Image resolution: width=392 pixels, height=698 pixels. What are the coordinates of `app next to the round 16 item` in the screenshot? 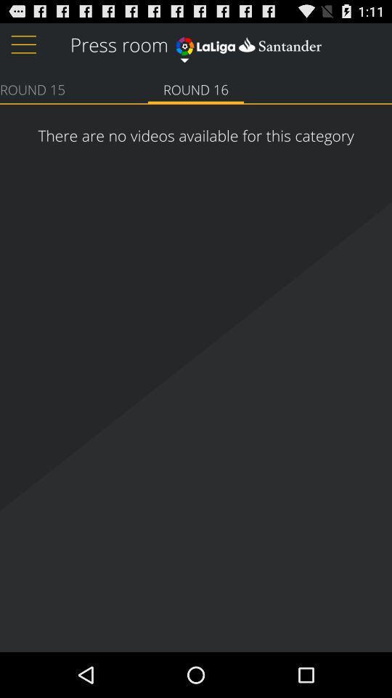 It's located at (32, 88).